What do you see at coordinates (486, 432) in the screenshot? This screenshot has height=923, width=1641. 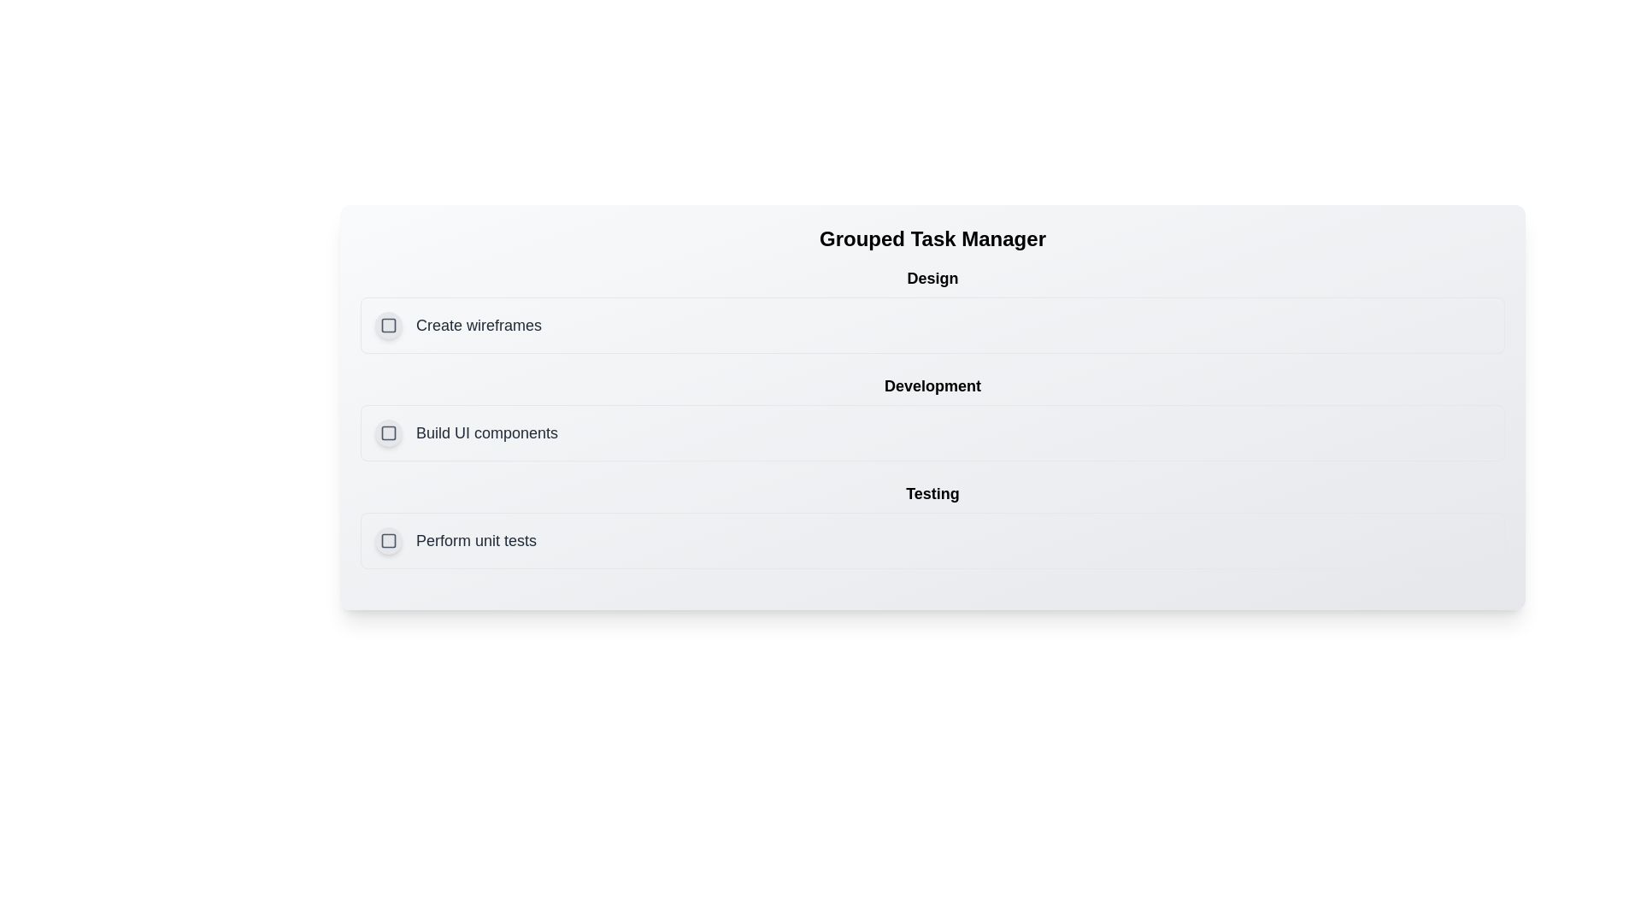 I see `text label that says 'Build UI components' located in the 'Development' section, next to a checkbox-like icon` at bounding box center [486, 432].